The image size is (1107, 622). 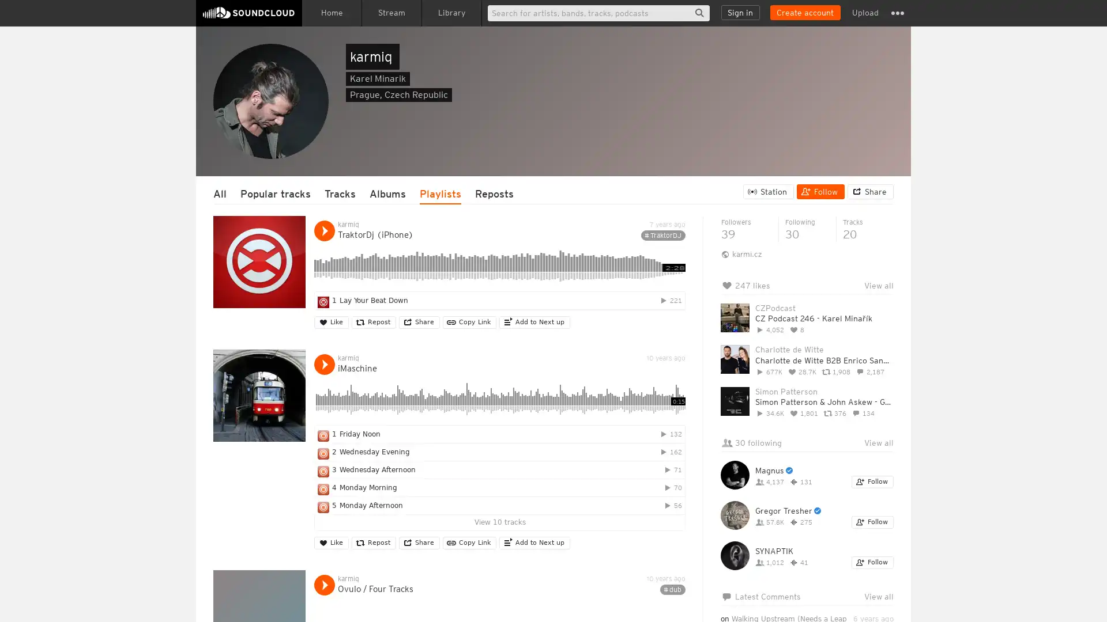 I want to click on Create a SoundCloud account, so click(x=804, y=13).